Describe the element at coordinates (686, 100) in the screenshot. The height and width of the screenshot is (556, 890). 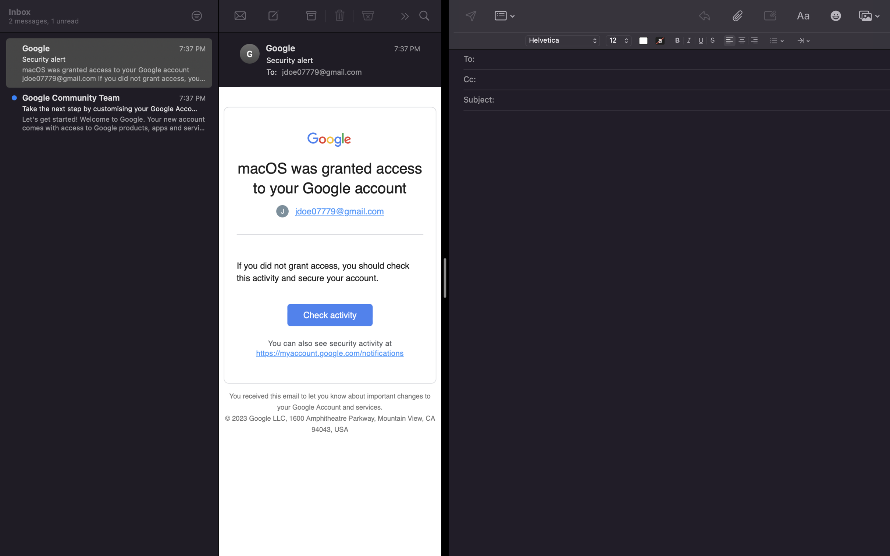
I see `Insert "Application for job" into the subject bar and press enter` at that location.